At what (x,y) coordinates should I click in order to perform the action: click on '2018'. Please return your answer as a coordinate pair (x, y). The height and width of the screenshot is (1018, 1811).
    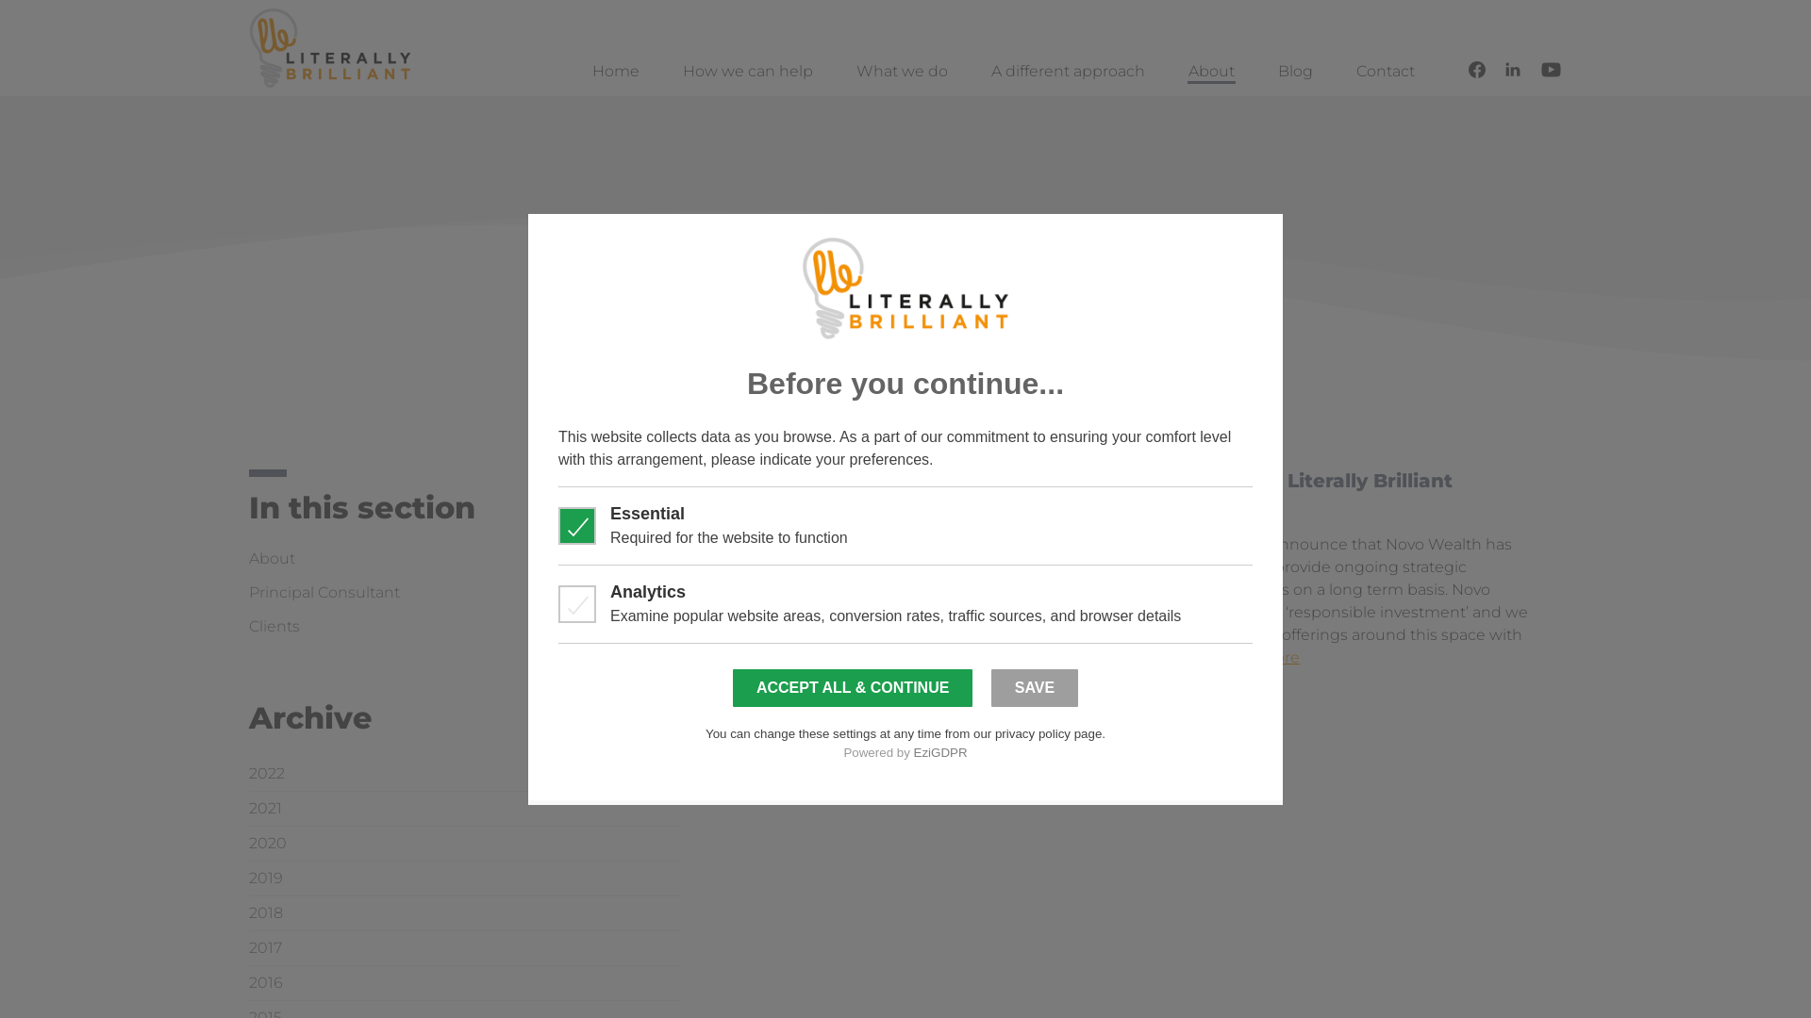
    Looking at the image, I should click on (265, 911).